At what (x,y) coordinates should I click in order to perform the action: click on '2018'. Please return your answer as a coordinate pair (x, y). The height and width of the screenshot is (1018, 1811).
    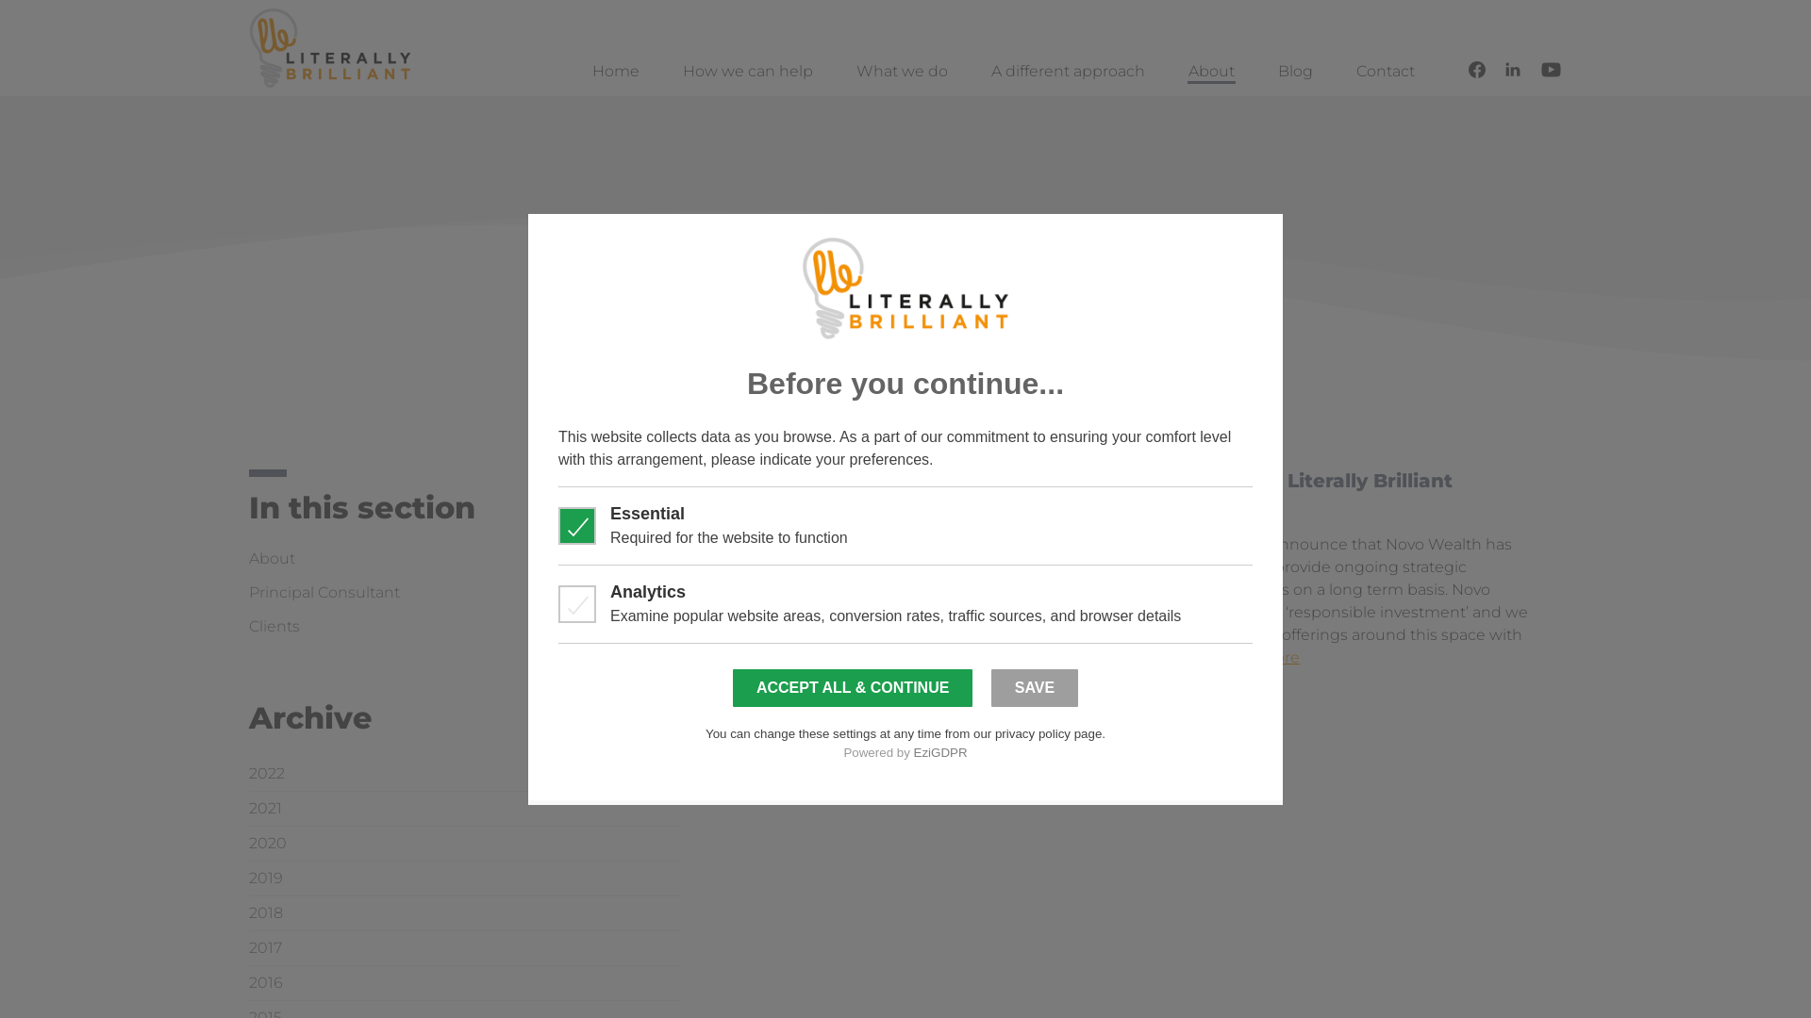
    Looking at the image, I should click on (265, 911).